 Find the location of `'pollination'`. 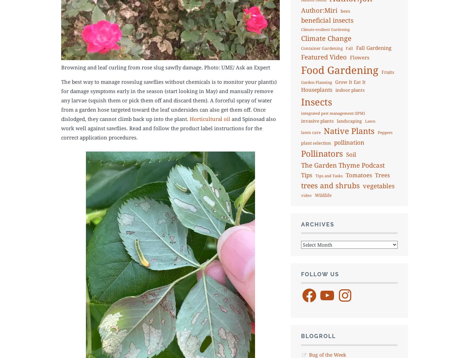

'pollination' is located at coordinates (333, 142).